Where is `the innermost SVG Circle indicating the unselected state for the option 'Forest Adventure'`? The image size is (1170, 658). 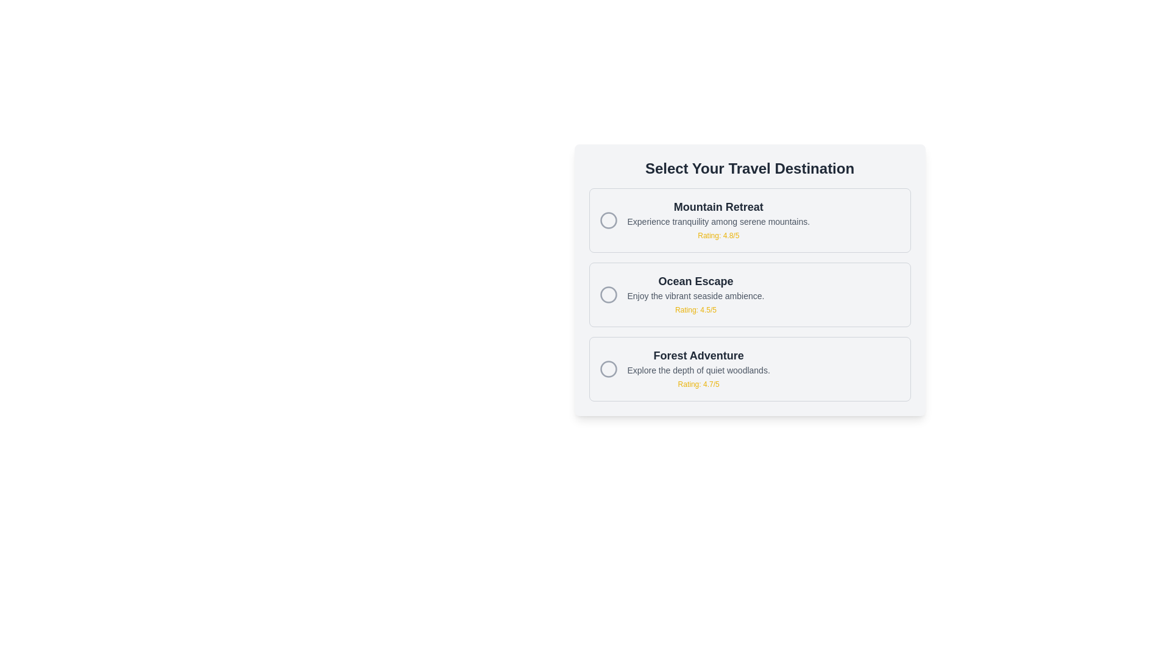
the innermost SVG Circle indicating the unselected state for the option 'Forest Adventure' is located at coordinates (608, 368).